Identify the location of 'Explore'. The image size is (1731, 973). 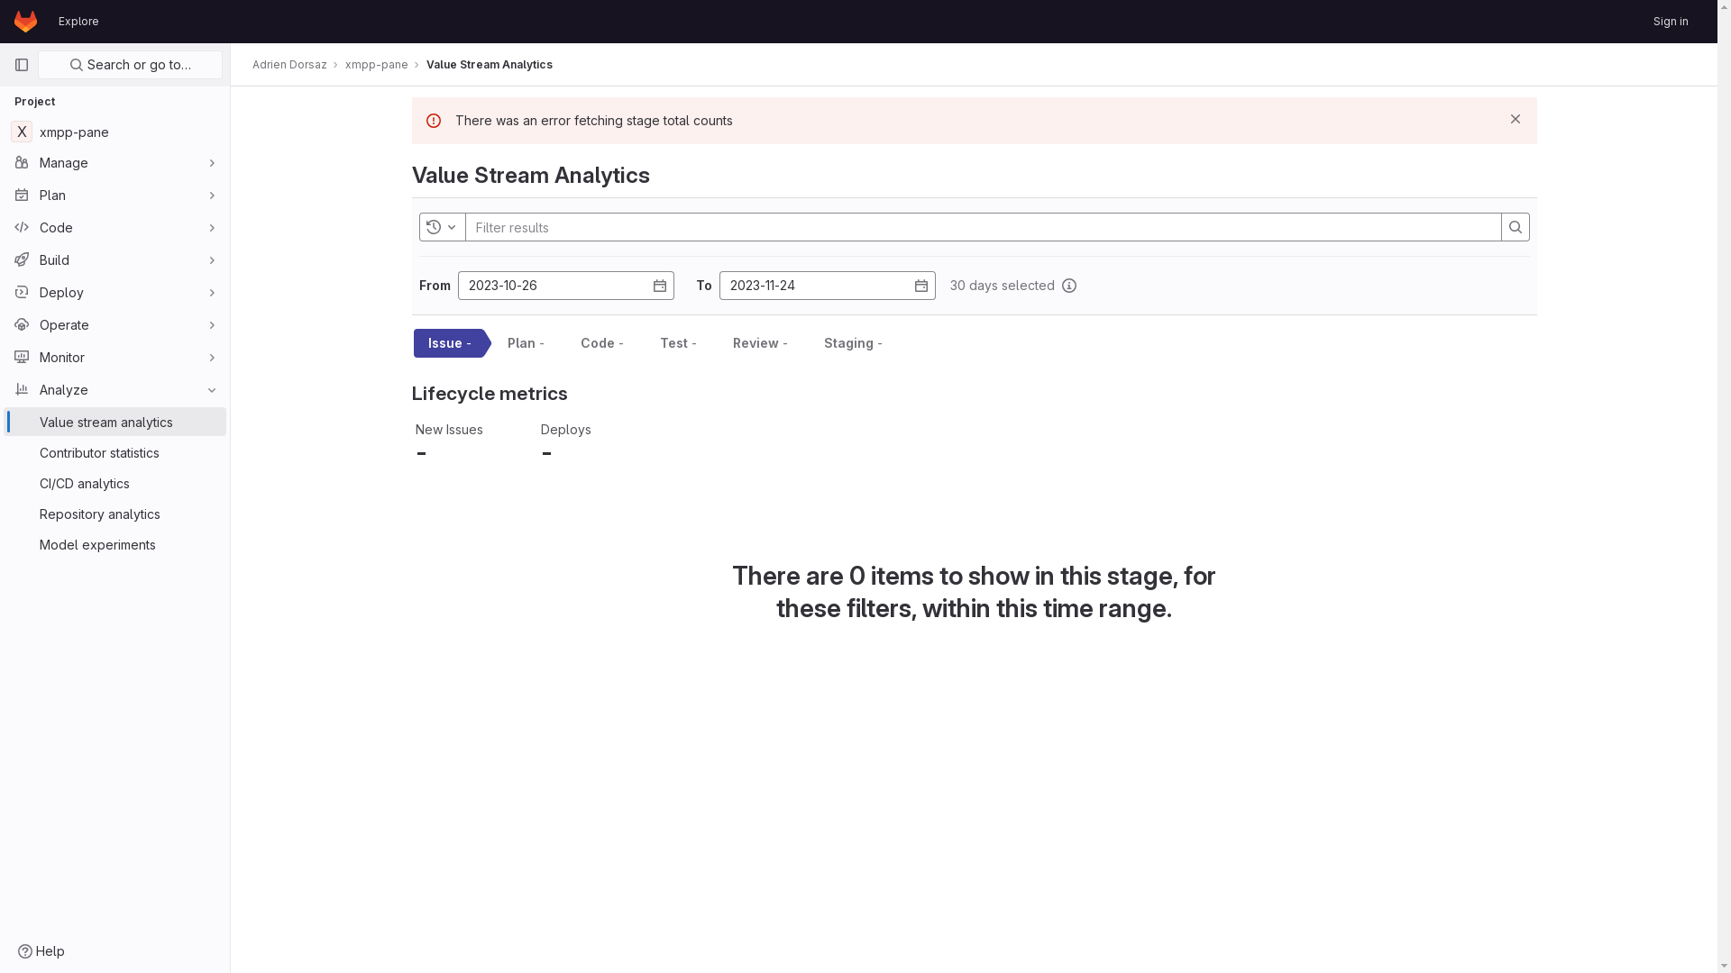
(78, 21).